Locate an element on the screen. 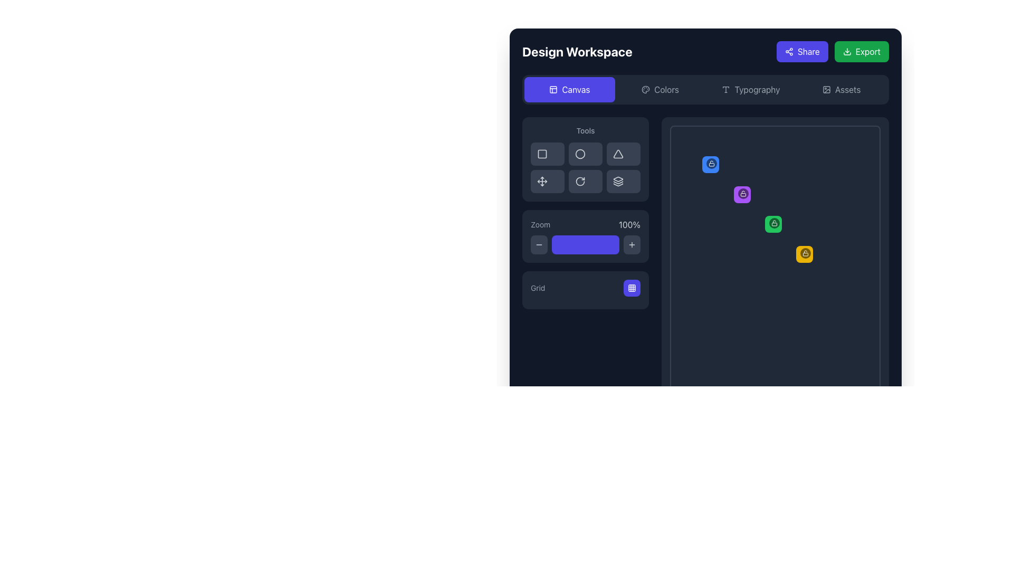 This screenshot has width=1013, height=570. the triangular shape button located is located at coordinates (618, 154).